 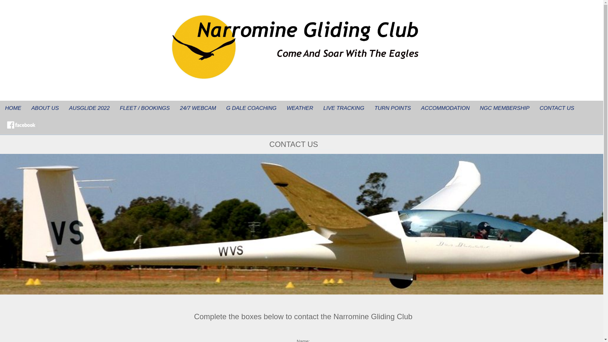 I want to click on 'LIVE TRACKING', so click(x=318, y=108).